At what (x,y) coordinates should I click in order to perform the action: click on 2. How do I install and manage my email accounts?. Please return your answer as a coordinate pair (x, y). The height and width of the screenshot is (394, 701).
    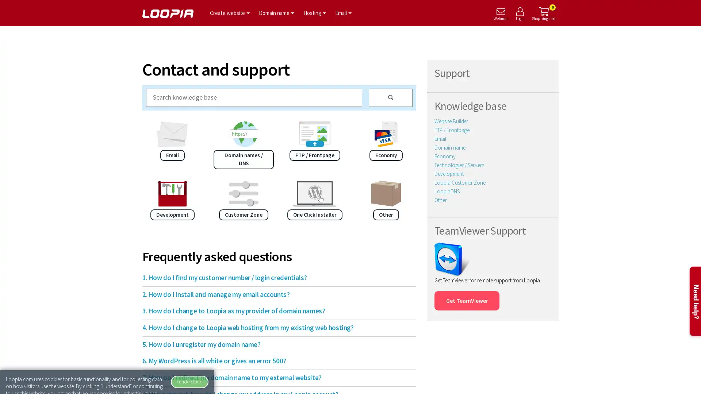
    Looking at the image, I should click on (275, 294).